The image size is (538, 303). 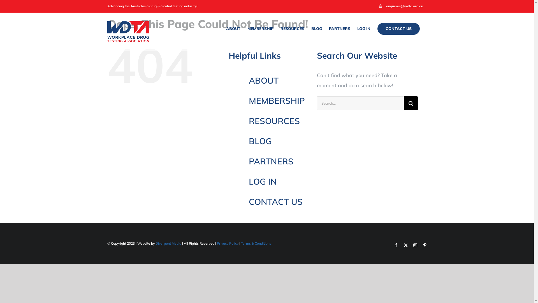 What do you see at coordinates (400, 6) in the screenshot?
I see `'enquiries@wdta.org.au'` at bounding box center [400, 6].